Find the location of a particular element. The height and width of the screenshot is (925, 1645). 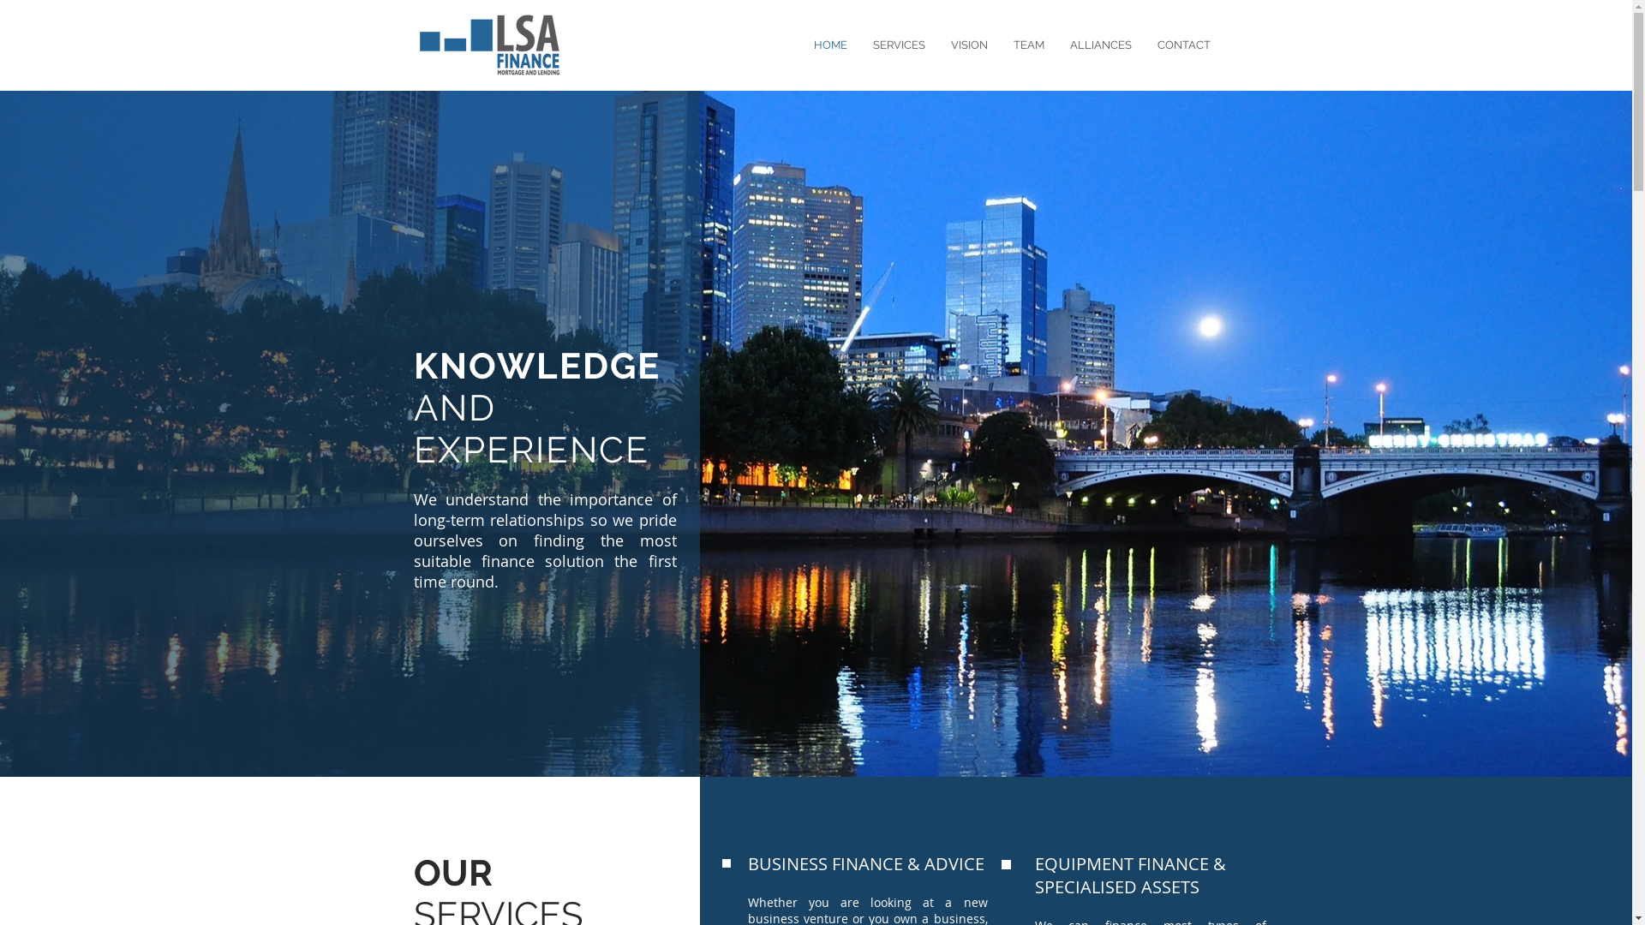

'TEAM' is located at coordinates (1028, 45).